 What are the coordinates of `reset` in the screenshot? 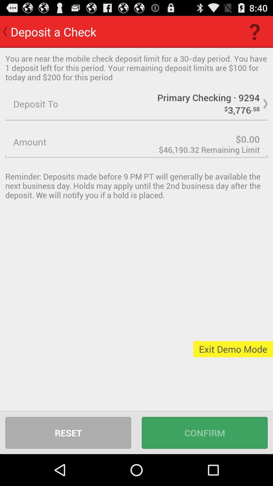 It's located at (68, 432).